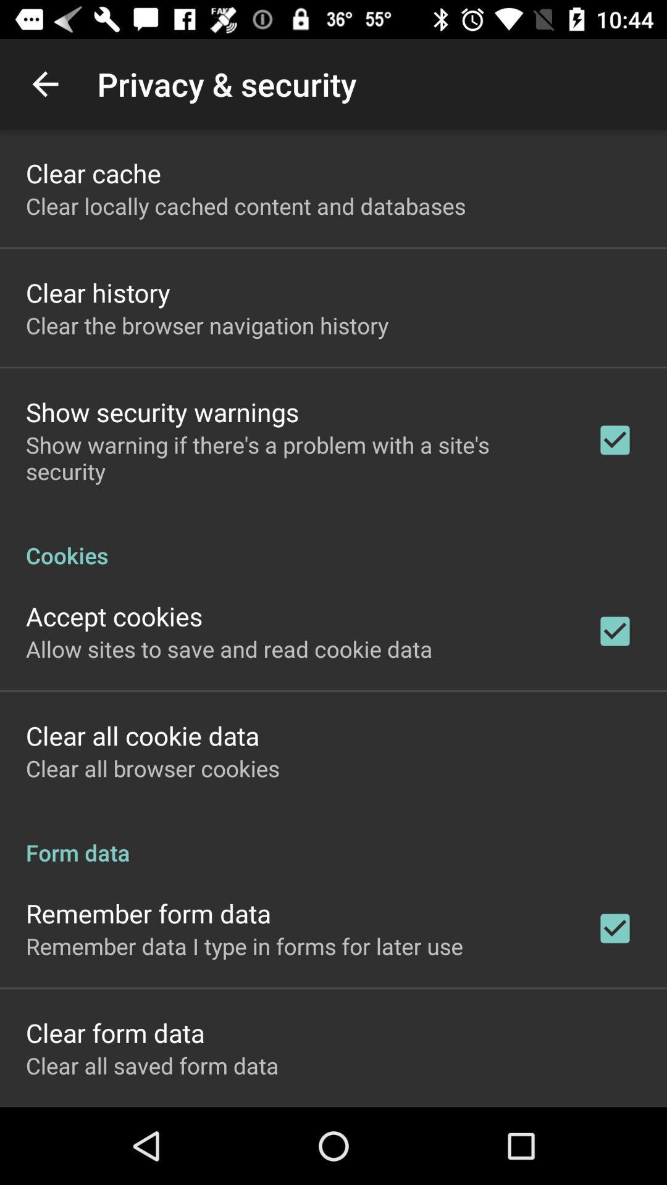 This screenshot has height=1185, width=667. What do you see at coordinates (246, 206) in the screenshot?
I see `the item above clear history item` at bounding box center [246, 206].